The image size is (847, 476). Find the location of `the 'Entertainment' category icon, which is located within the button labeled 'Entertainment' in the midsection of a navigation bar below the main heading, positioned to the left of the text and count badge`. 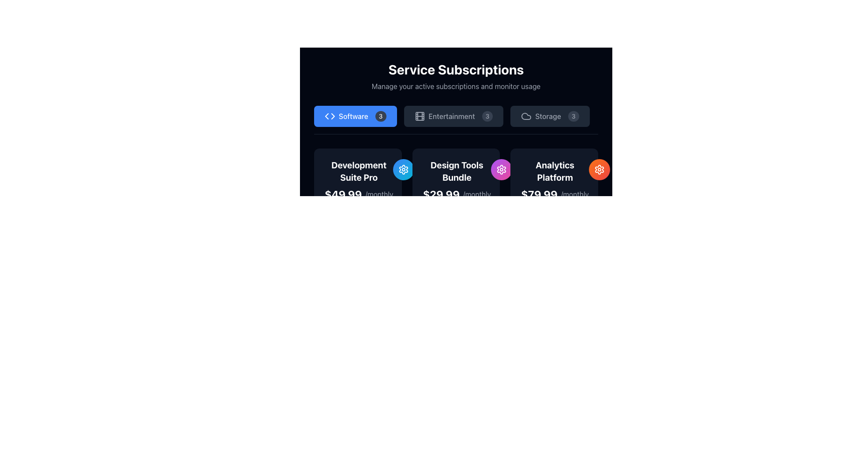

the 'Entertainment' category icon, which is located within the button labeled 'Entertainment' in the midsection of a navigation bar below the main heading, positioned to the left of the text and count badge is located at coordinates (419, 115).